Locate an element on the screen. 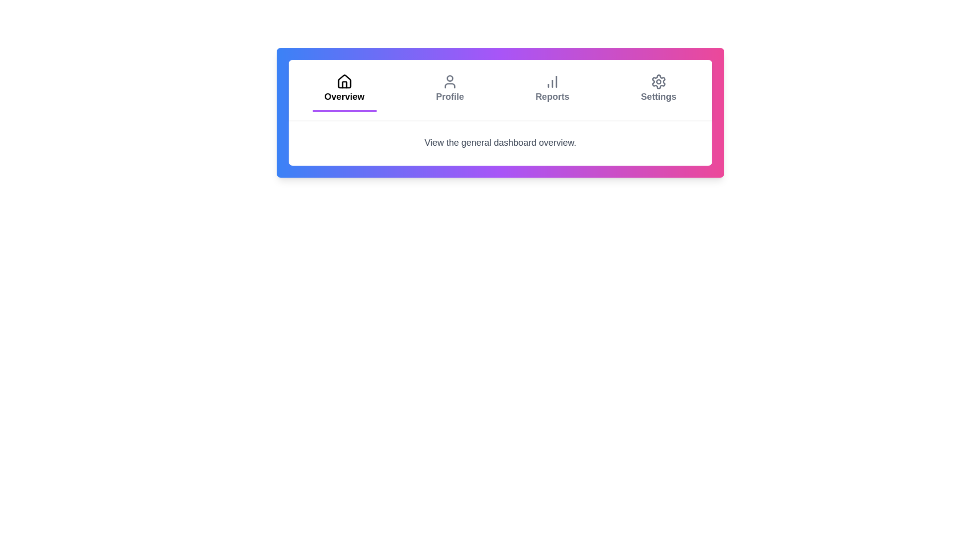  the 'Reports' text label in the navigation menu, which is located between 'Profile' and 'Settings' is located at coordinates (552, 96).